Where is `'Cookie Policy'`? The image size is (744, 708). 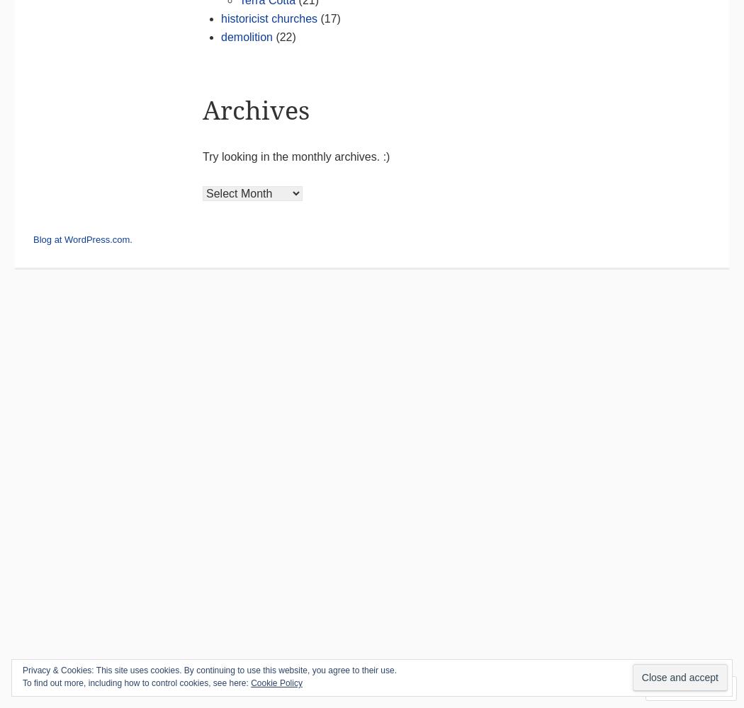 'Cookie Policy' is located at coordinates (276, 683).